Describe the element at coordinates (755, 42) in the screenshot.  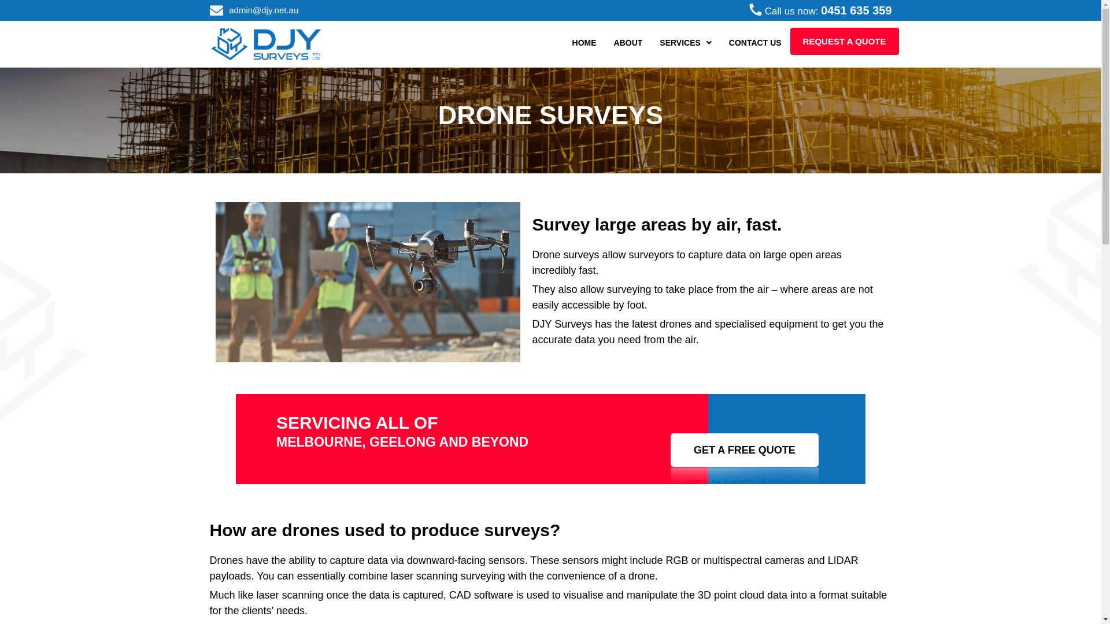
I see `'CONTACT US'` at that location.